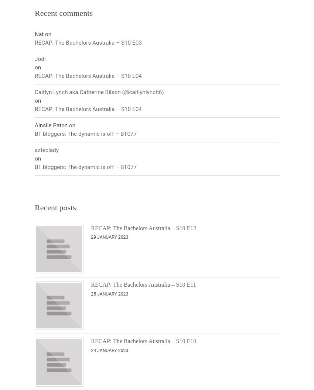 This screenshot has width=314, height=390. I want to click on 'Recent comments', so click(34, 13).